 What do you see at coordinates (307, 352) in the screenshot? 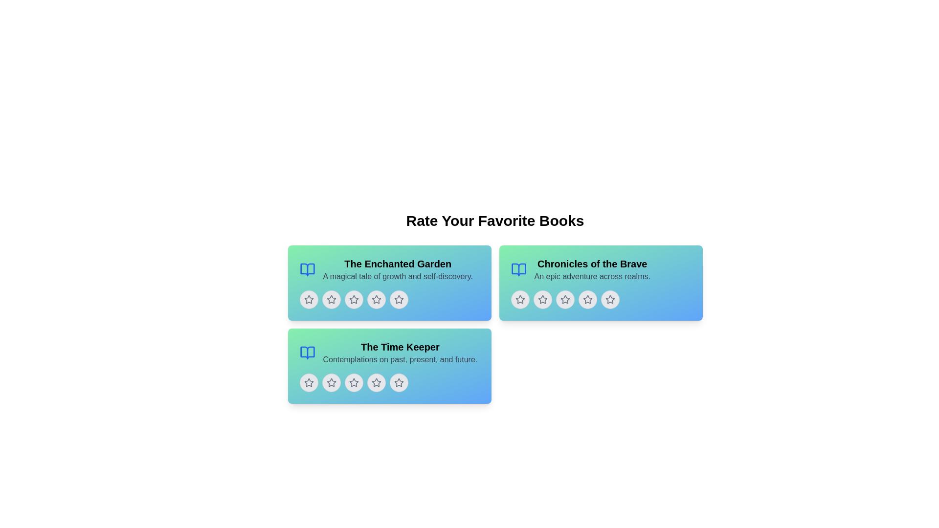
I see `the blue open book icon located in the lower left corner of the card for 'The Time Keeper', positioned to the left of the title and above the star icons` at bounding box center [307, 352].